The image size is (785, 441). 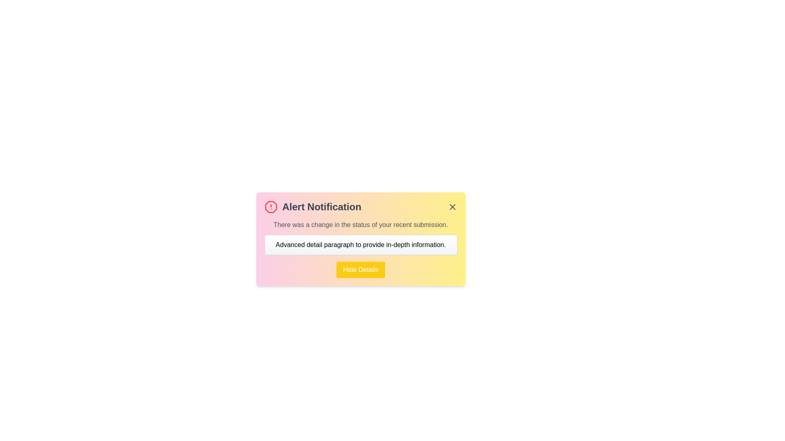 What do you see at coordinates (452, 206) in the screenshot?
I see `the close button to dismiss the alert` at bounding box center [452, 206].